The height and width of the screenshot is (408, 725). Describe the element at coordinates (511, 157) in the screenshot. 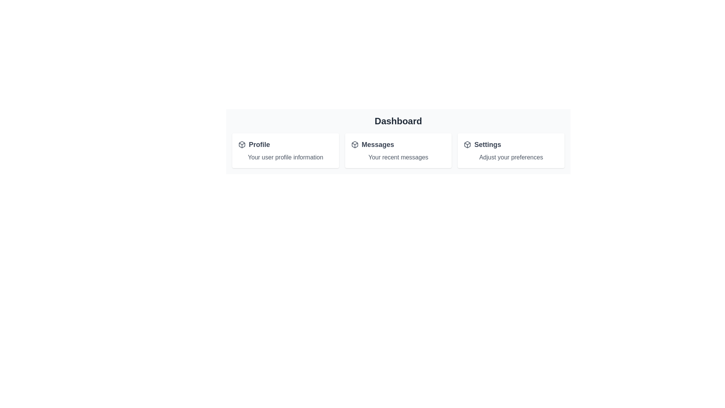

I see `the descriptive text label located at the bottom of the 'Settings' card, which provides guidance related to the 'Settings' section` at that location.